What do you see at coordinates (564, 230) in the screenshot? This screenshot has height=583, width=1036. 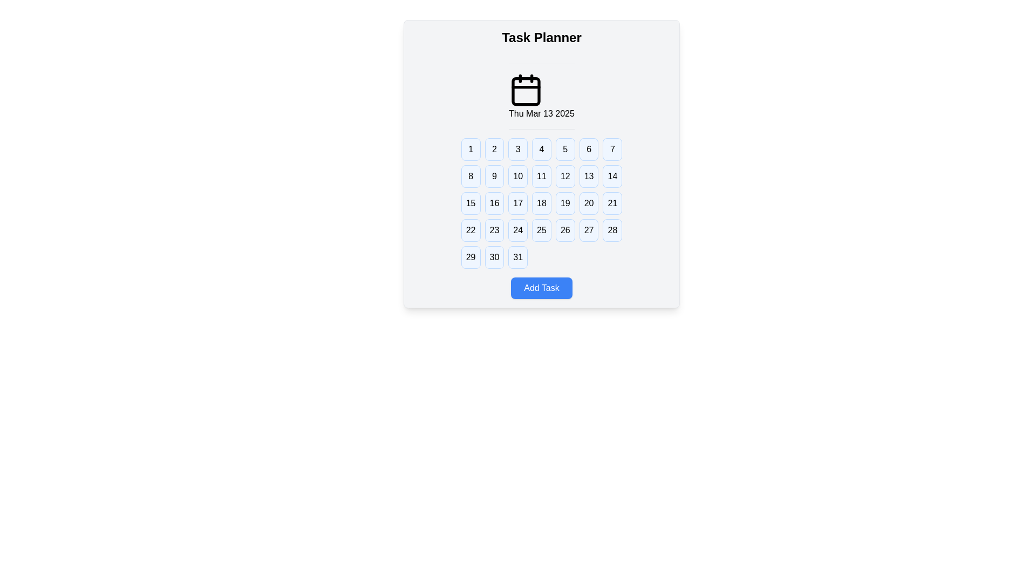 I see `the calendar button representing a day in the fourth row and fifth column of the grid` at bounding box center [564, 230].